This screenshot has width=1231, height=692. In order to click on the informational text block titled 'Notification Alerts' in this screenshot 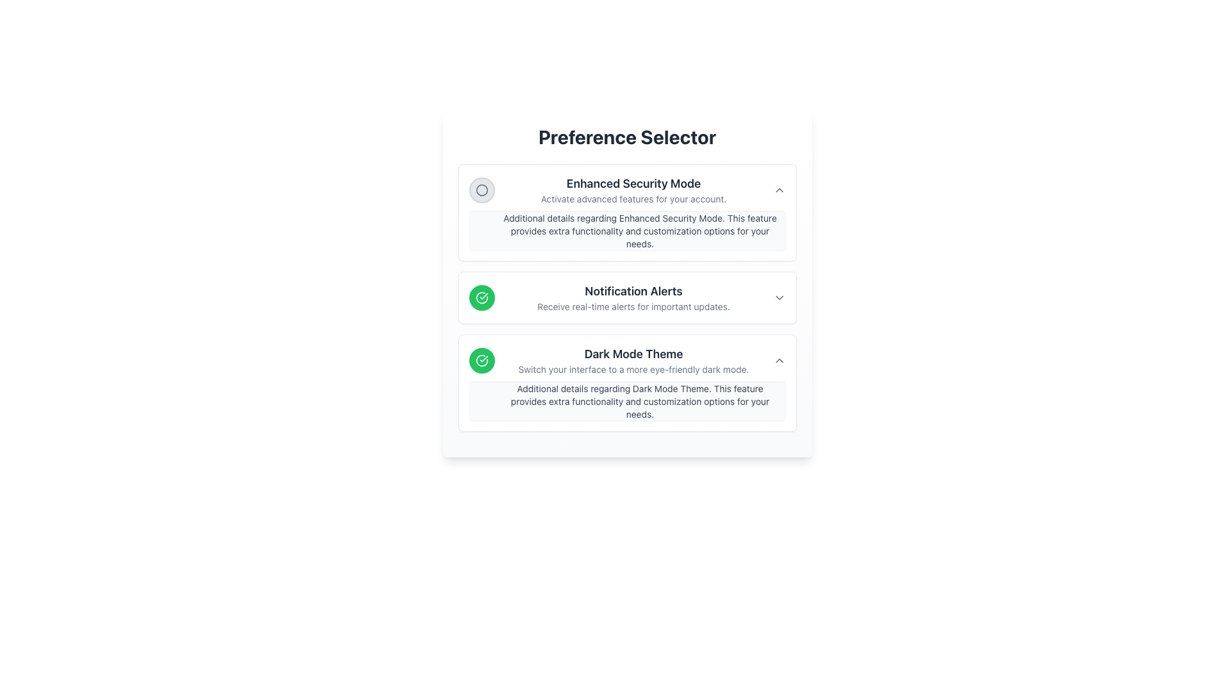, I will do `click(633, 298)`.